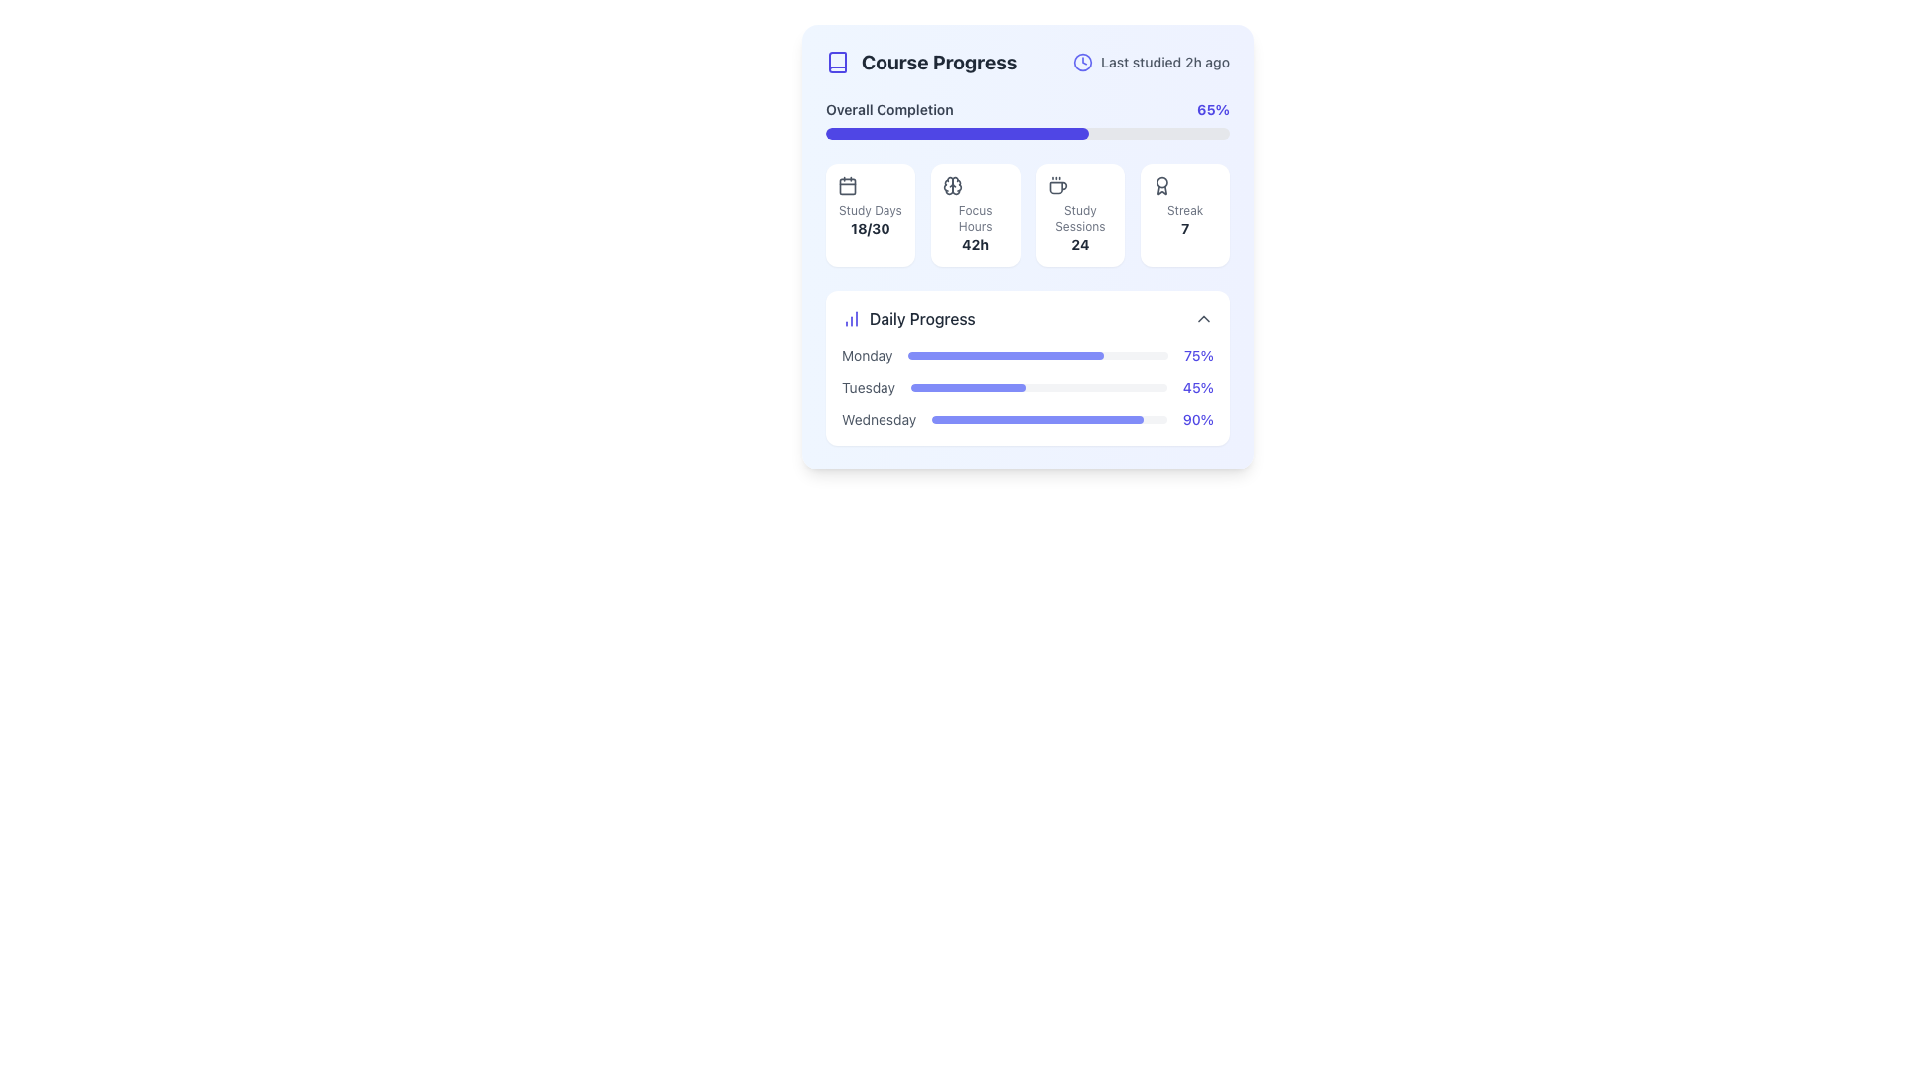  Describe the element at coordinates (870, 210) in the screenshot. I see `the 'Study Days' text label, which is displayed in light gray and is centrally positioned above the bold number '18/30' within its card layout` at that location.